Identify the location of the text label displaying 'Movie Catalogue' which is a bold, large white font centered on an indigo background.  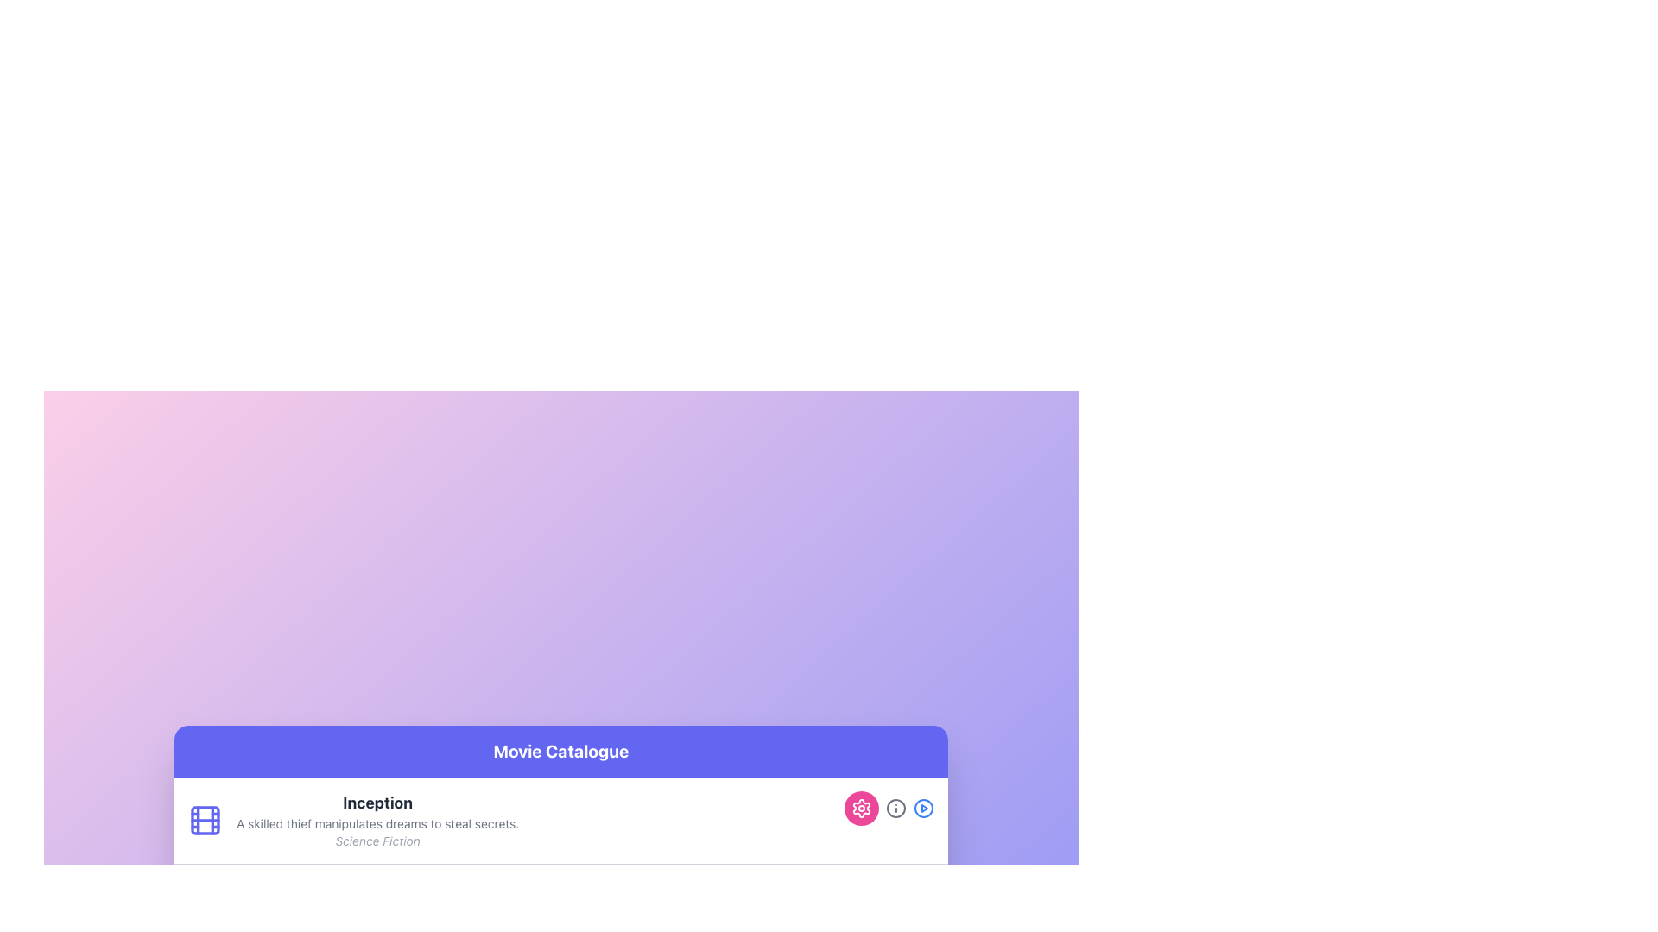
(560, 750).